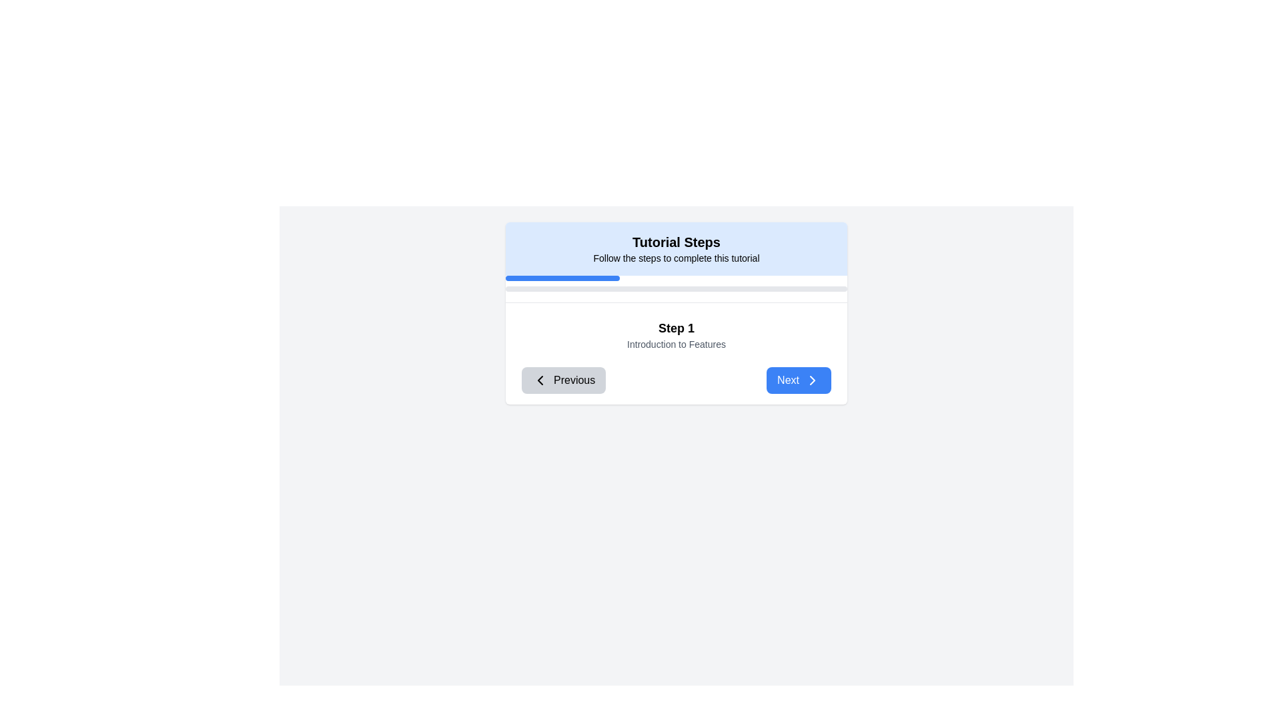 This screenshot has height=721, width=1281. What do you see at coordinates (676, 288) in the screenshot?
I see `the progress bar located in the 'Tutorial Steps' panel, which is a horizontal bar with a gray background and a blue segment indicating progress` at bounding box center [676, 288].